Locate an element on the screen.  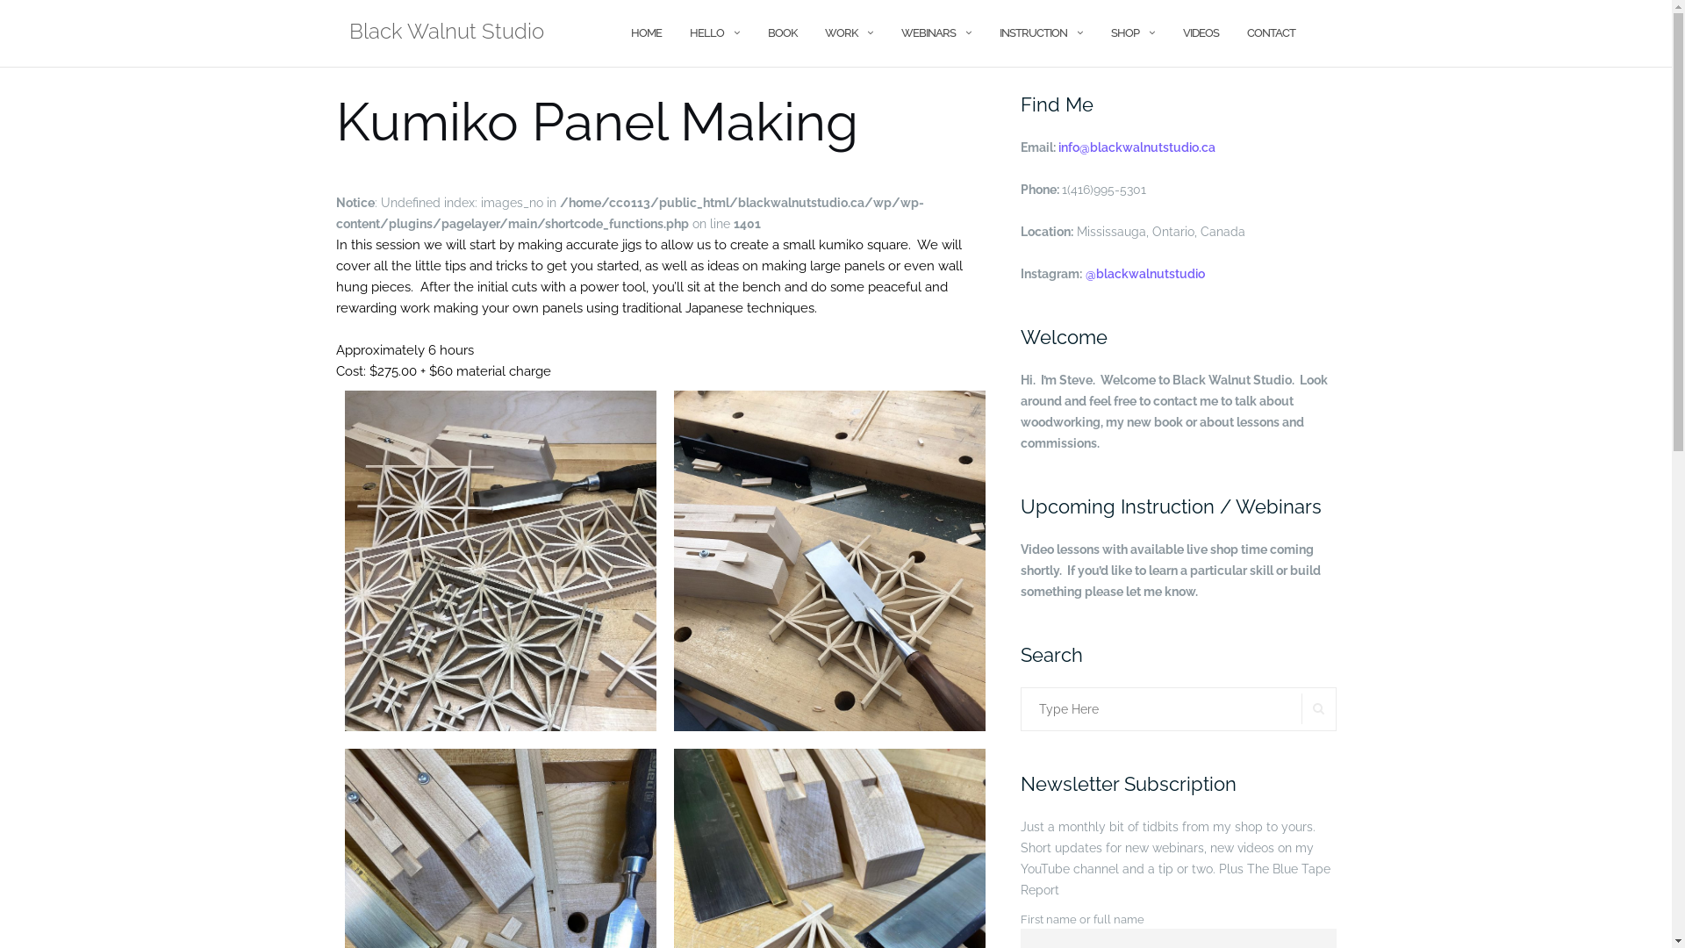
'WORK' is located at coordinates (840, 32).